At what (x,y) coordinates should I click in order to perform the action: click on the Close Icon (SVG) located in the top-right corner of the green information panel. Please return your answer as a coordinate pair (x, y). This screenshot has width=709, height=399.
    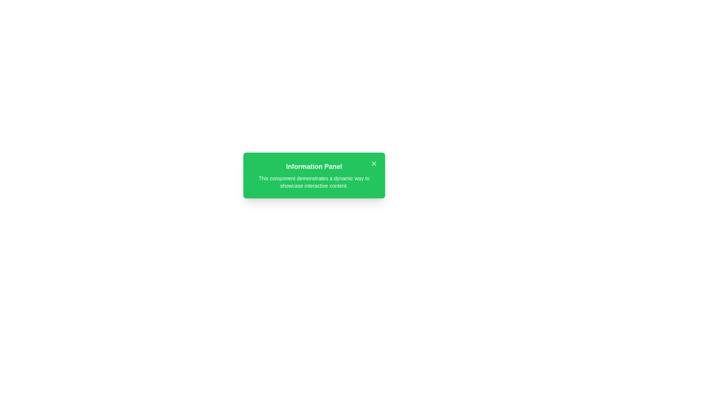
    Looking at the image, I should click on (374, 163).